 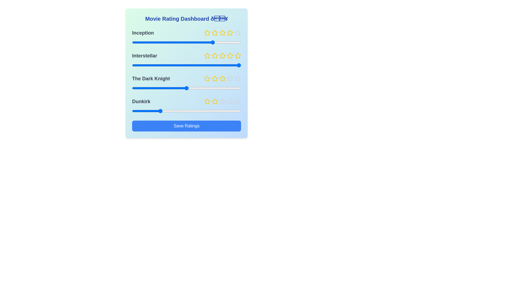 What do you see at coordinates (187, 42) in the screenshot?
I see `the slider for the movie 'Inception' to set the rating to 3` at bounding box center [187, 42].